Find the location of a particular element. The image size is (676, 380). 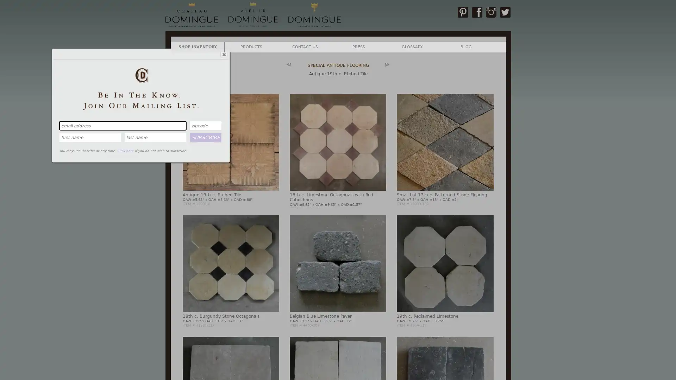

Close is located at coordinates (223, 54).